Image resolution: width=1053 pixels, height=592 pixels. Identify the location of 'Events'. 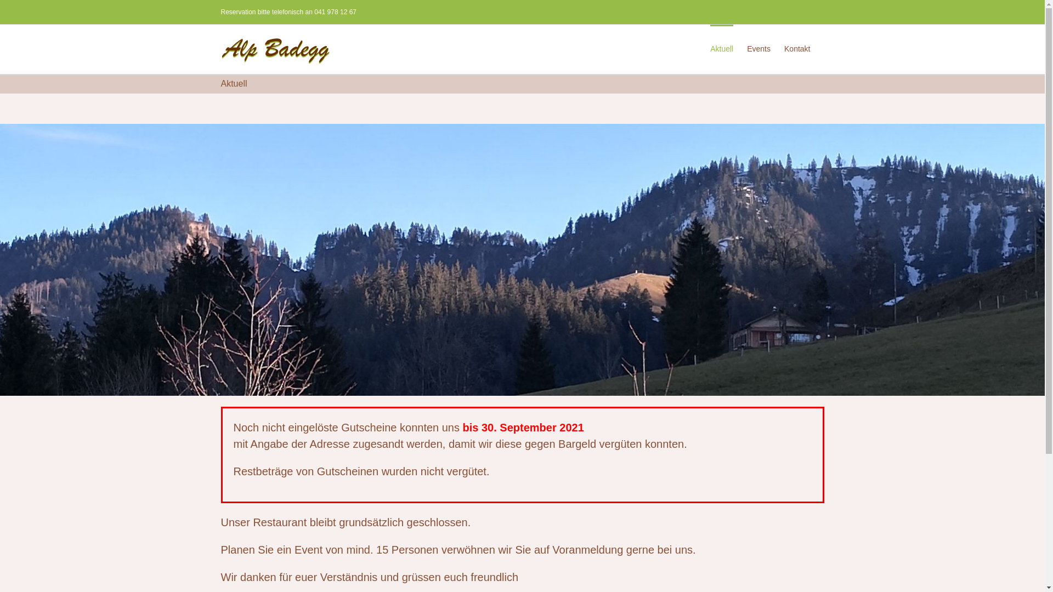
(758, 47).